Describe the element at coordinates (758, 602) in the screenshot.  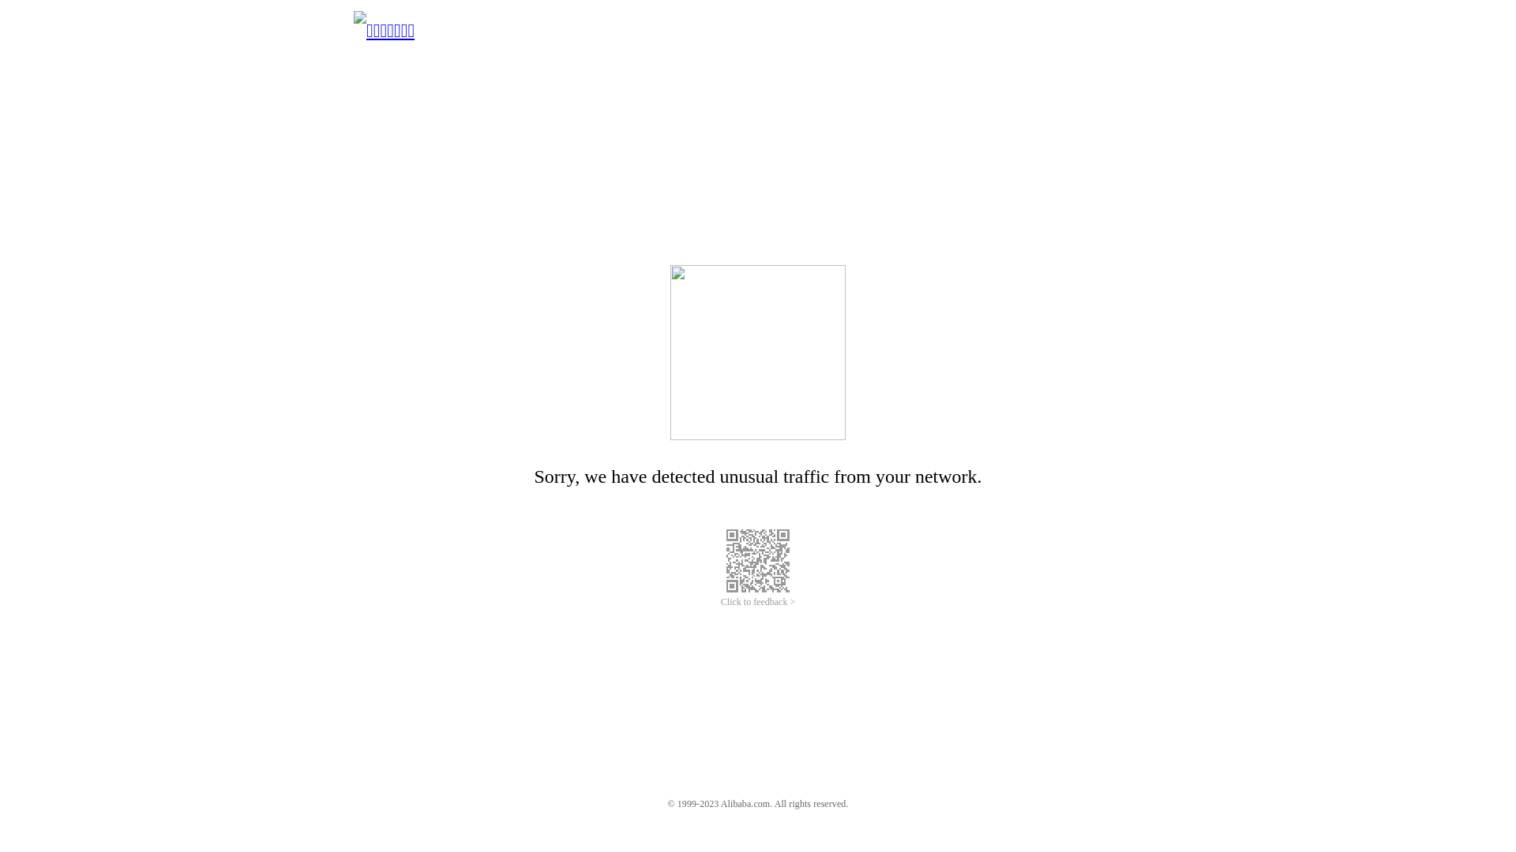
I see `'Click to feedback >'` at that location.